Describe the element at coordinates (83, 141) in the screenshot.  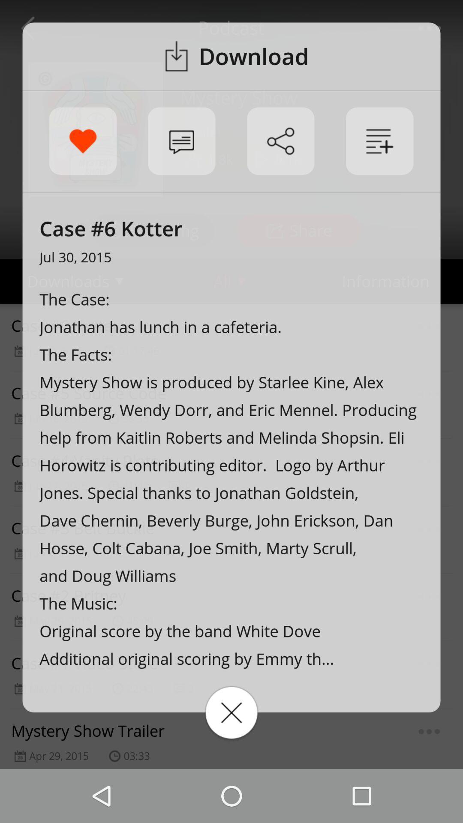
I see `item at the top left corner` at that location.